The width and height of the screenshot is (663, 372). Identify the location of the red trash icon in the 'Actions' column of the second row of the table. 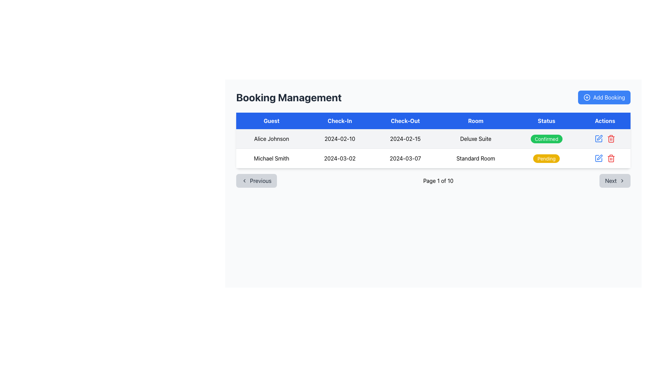
(611, 138).